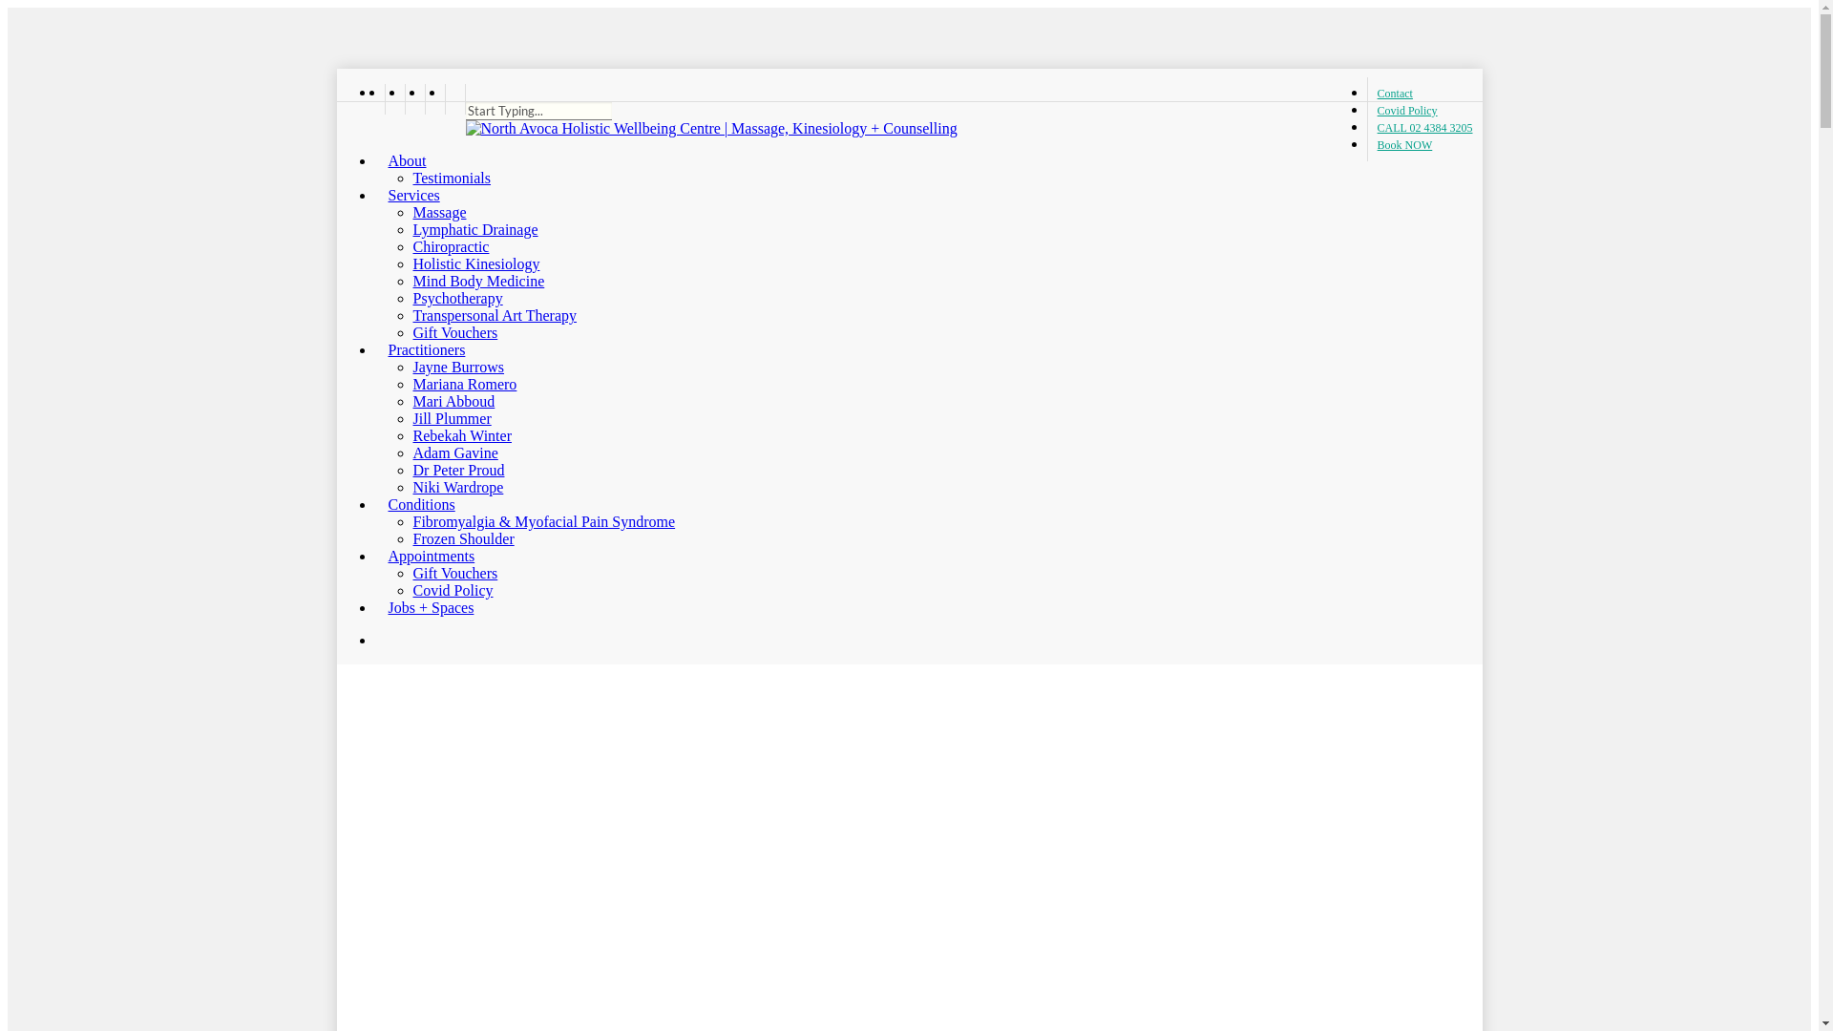  What do you see at coordinates (374, 99) in the screenshot?
I see `'twitter'` at bounding box center [374, 99].